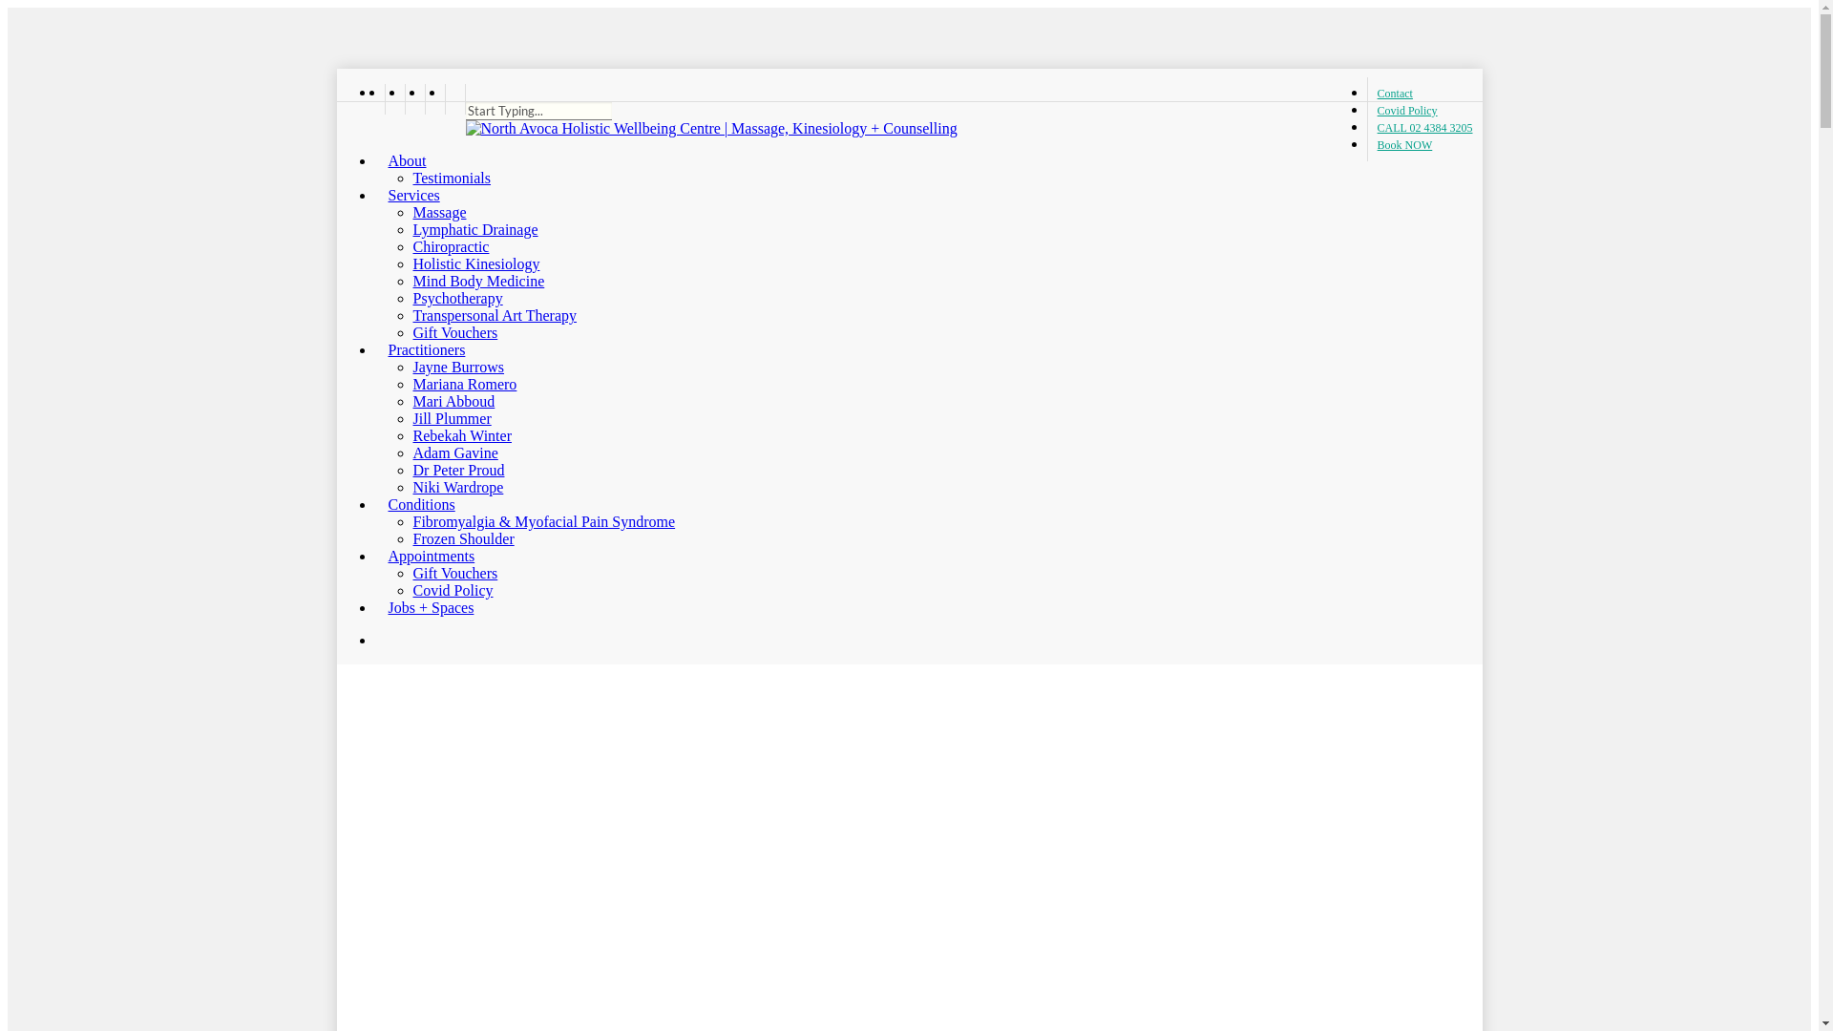  What do you see at coordinates (374, 99) in the screenshot?
I see `'twitter'` at bounding box center [374, 99].